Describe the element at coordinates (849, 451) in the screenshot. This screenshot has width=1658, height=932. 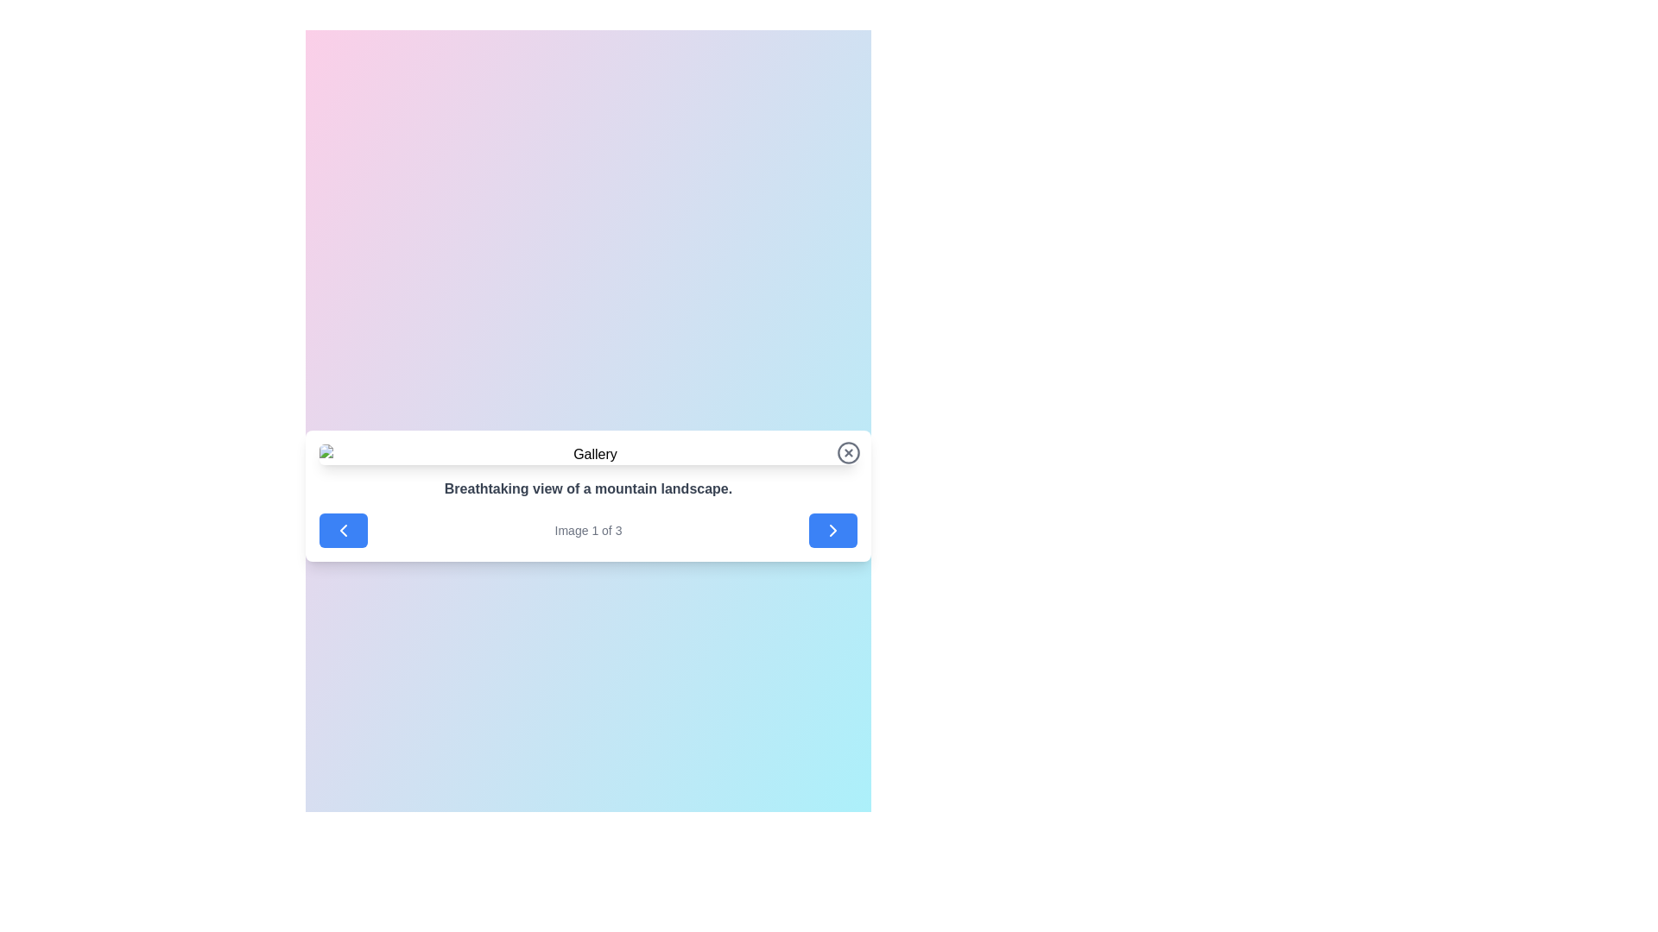
I see `the small circular close button with a gray 'X' icon located at the top-right corner of the card interface` at that location.